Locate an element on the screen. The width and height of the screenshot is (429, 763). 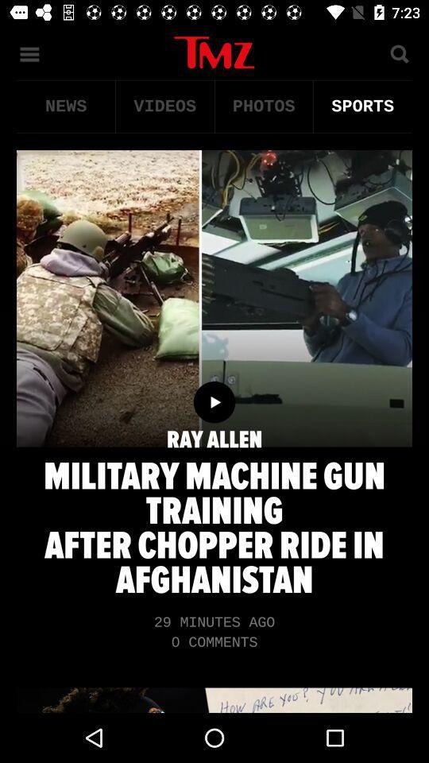
videos icon is located at coordinates (164, 106).